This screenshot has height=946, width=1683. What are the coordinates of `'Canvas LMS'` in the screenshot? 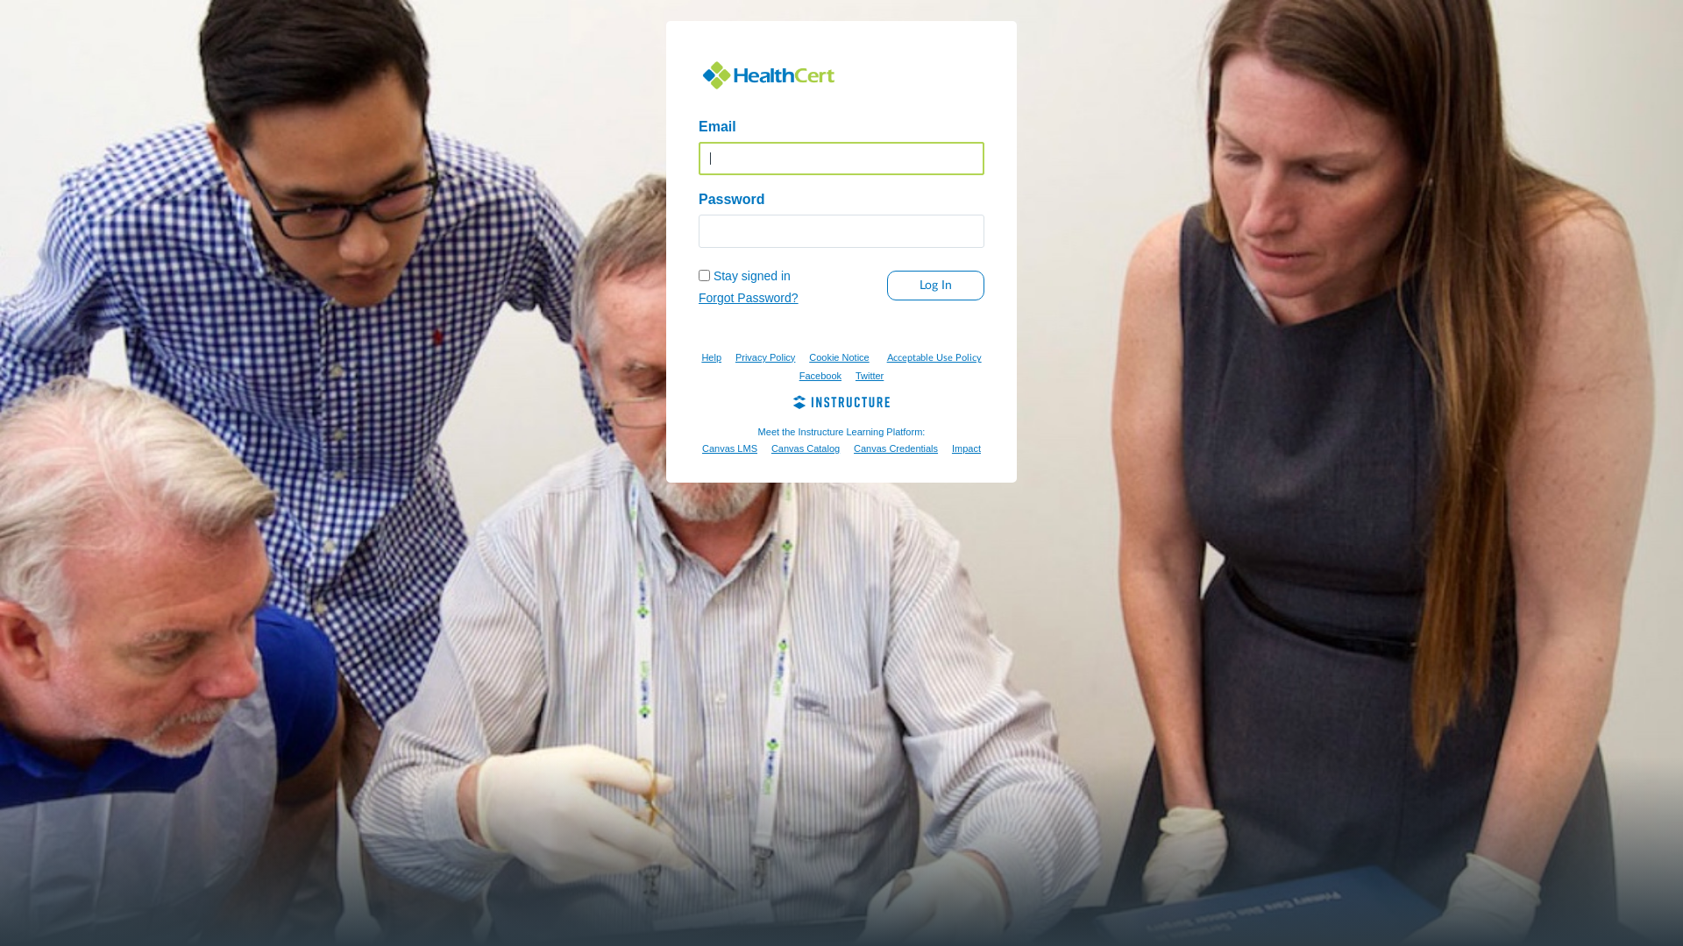 It's located at (729, 448).